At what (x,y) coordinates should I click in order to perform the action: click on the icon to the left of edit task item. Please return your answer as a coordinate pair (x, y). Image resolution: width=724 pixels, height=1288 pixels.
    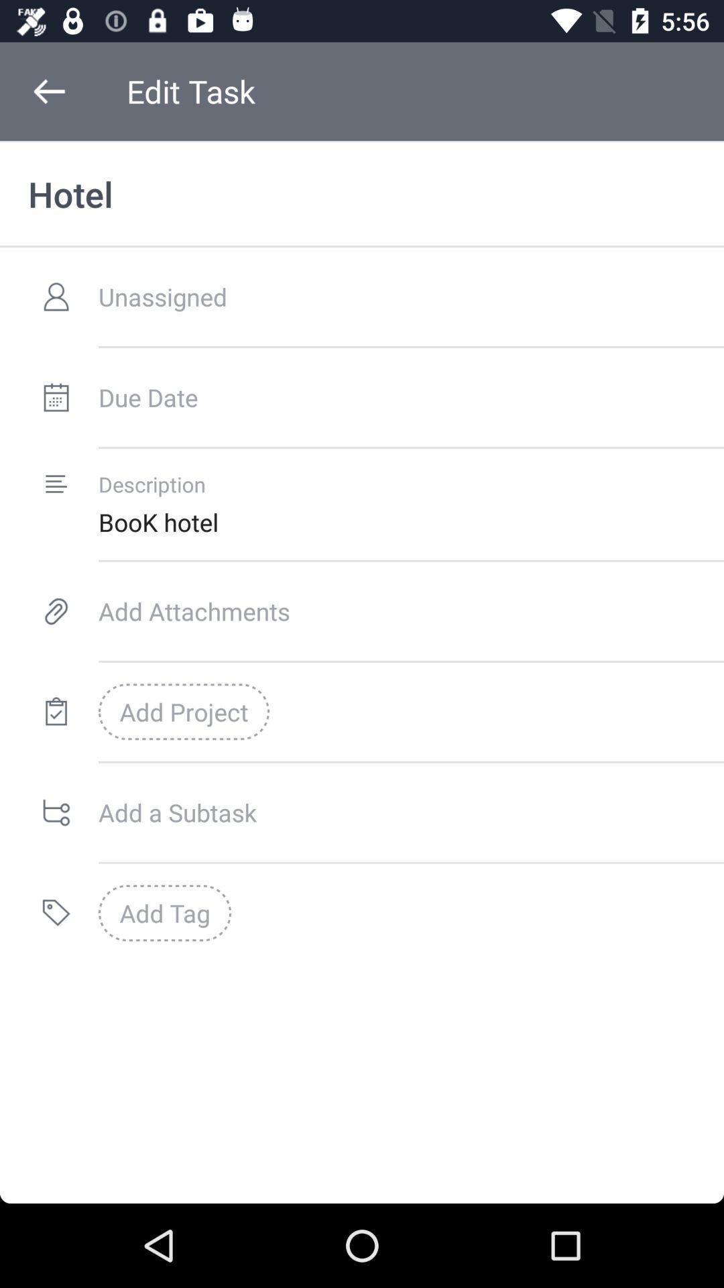
    Looking at the image, I should click on (48, 91).